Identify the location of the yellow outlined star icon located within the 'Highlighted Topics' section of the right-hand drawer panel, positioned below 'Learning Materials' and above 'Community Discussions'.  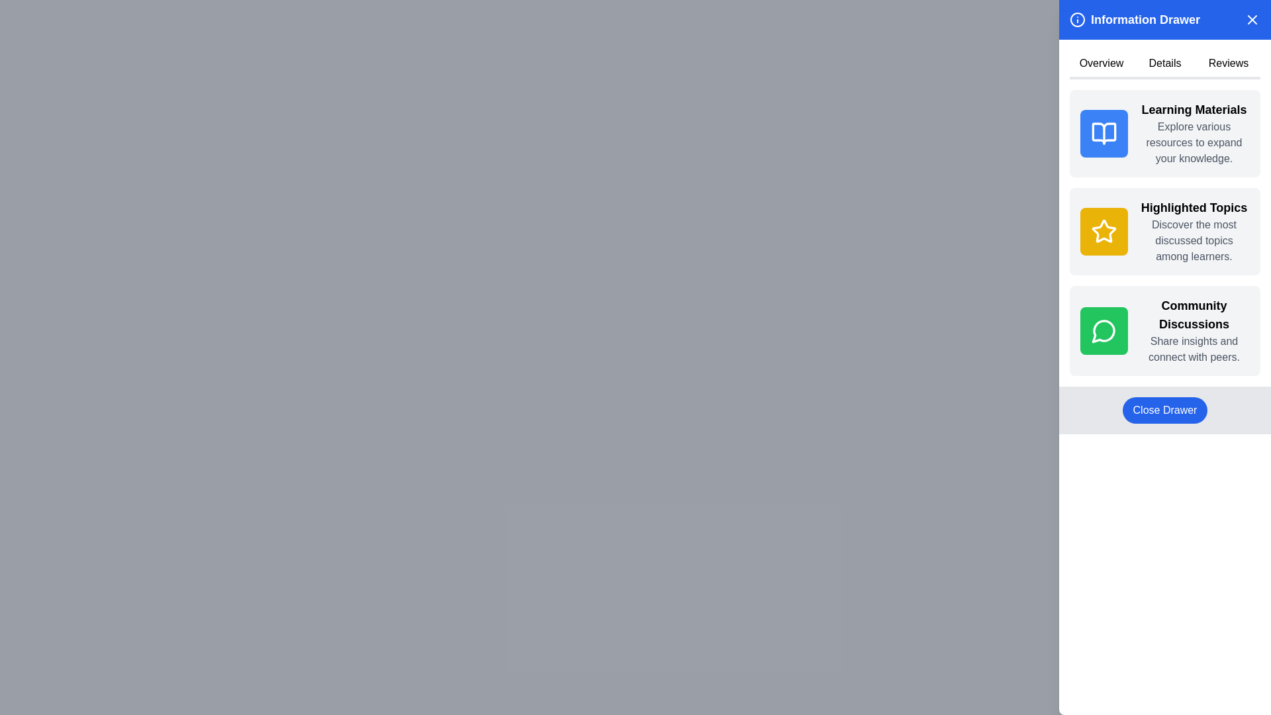
(1104, 231).